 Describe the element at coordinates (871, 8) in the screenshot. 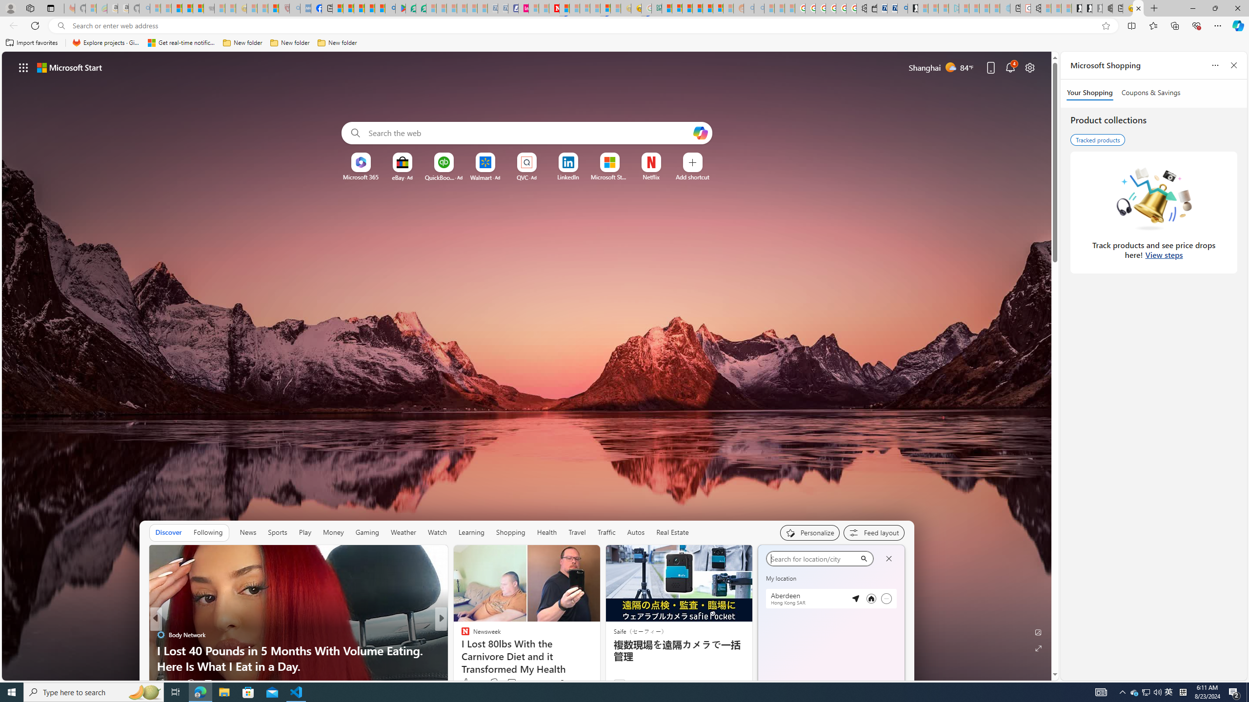

I see `'Wallet'` at that location.